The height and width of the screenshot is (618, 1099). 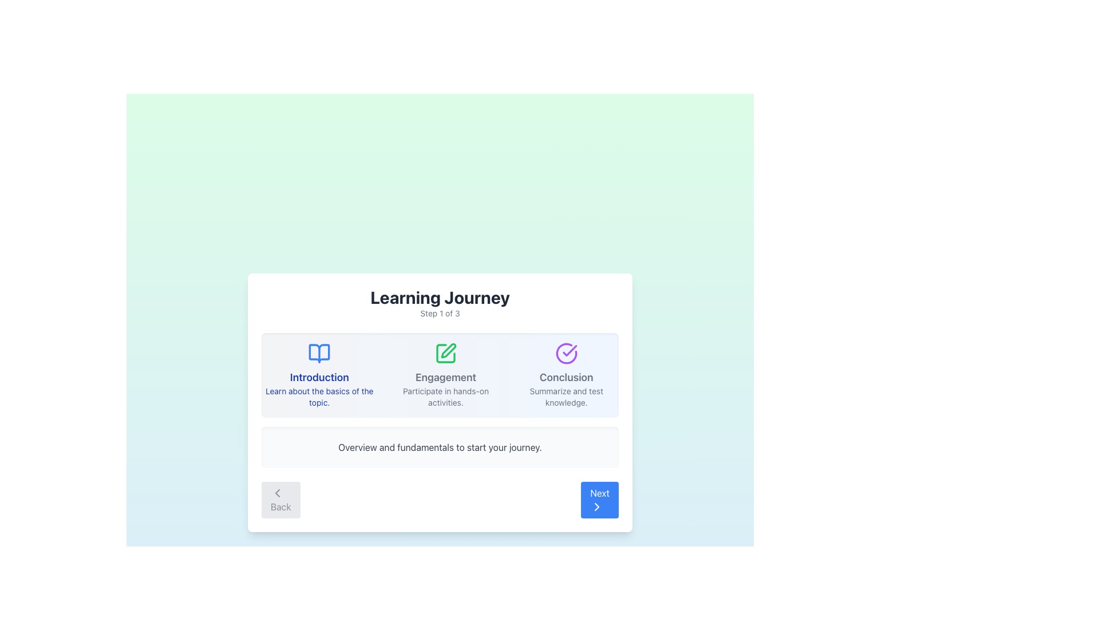 What do you see at coordinates (566, 375) in the screenshot?
I see `text of the informational block labeled 'Conclusion', which includes the check mark icon and the text 'Summarize and test knowledge.'` at bounding box center [566, 375].